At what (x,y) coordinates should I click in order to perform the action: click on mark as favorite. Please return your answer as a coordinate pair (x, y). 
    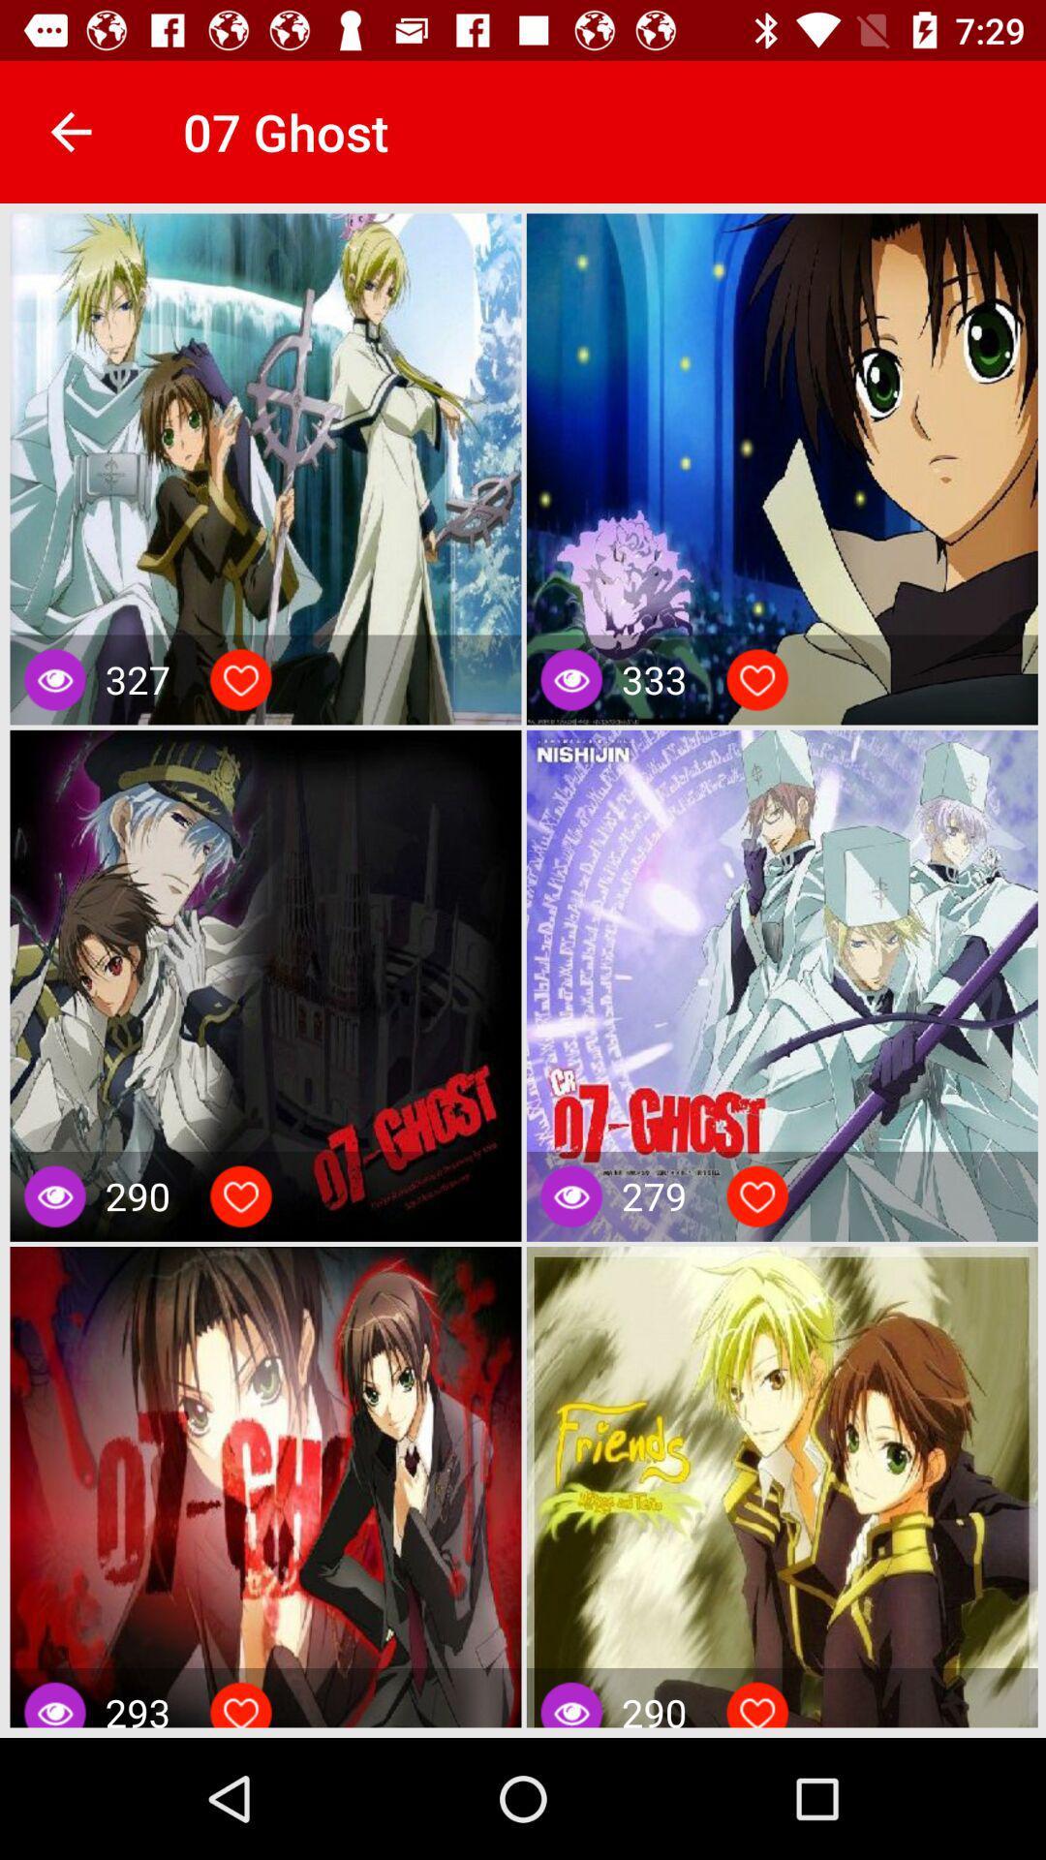
    Looking at the image, I should click on (756, 1709).